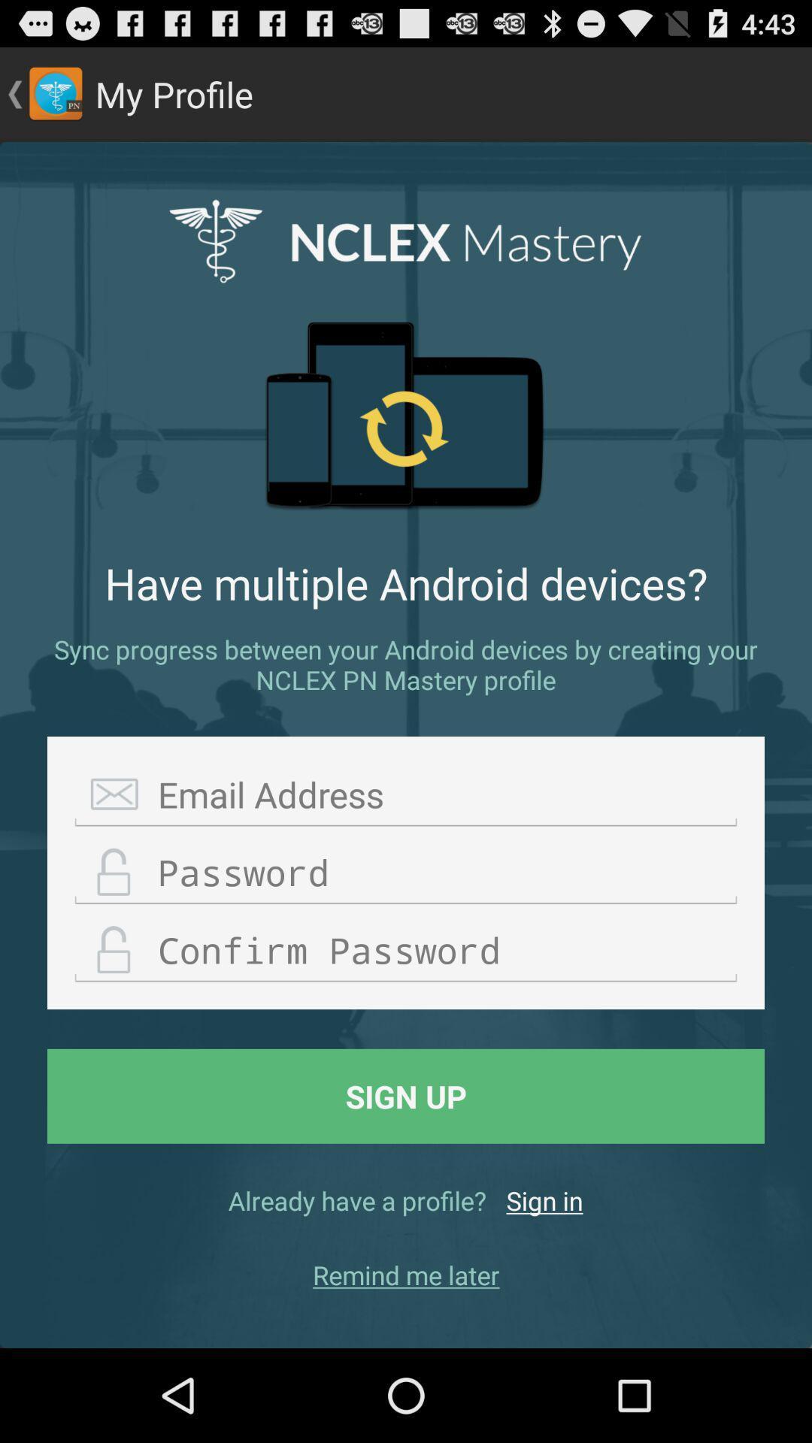 This screenshot has height=1443, width=812. I want to click on confirm password, so click(406, 950).